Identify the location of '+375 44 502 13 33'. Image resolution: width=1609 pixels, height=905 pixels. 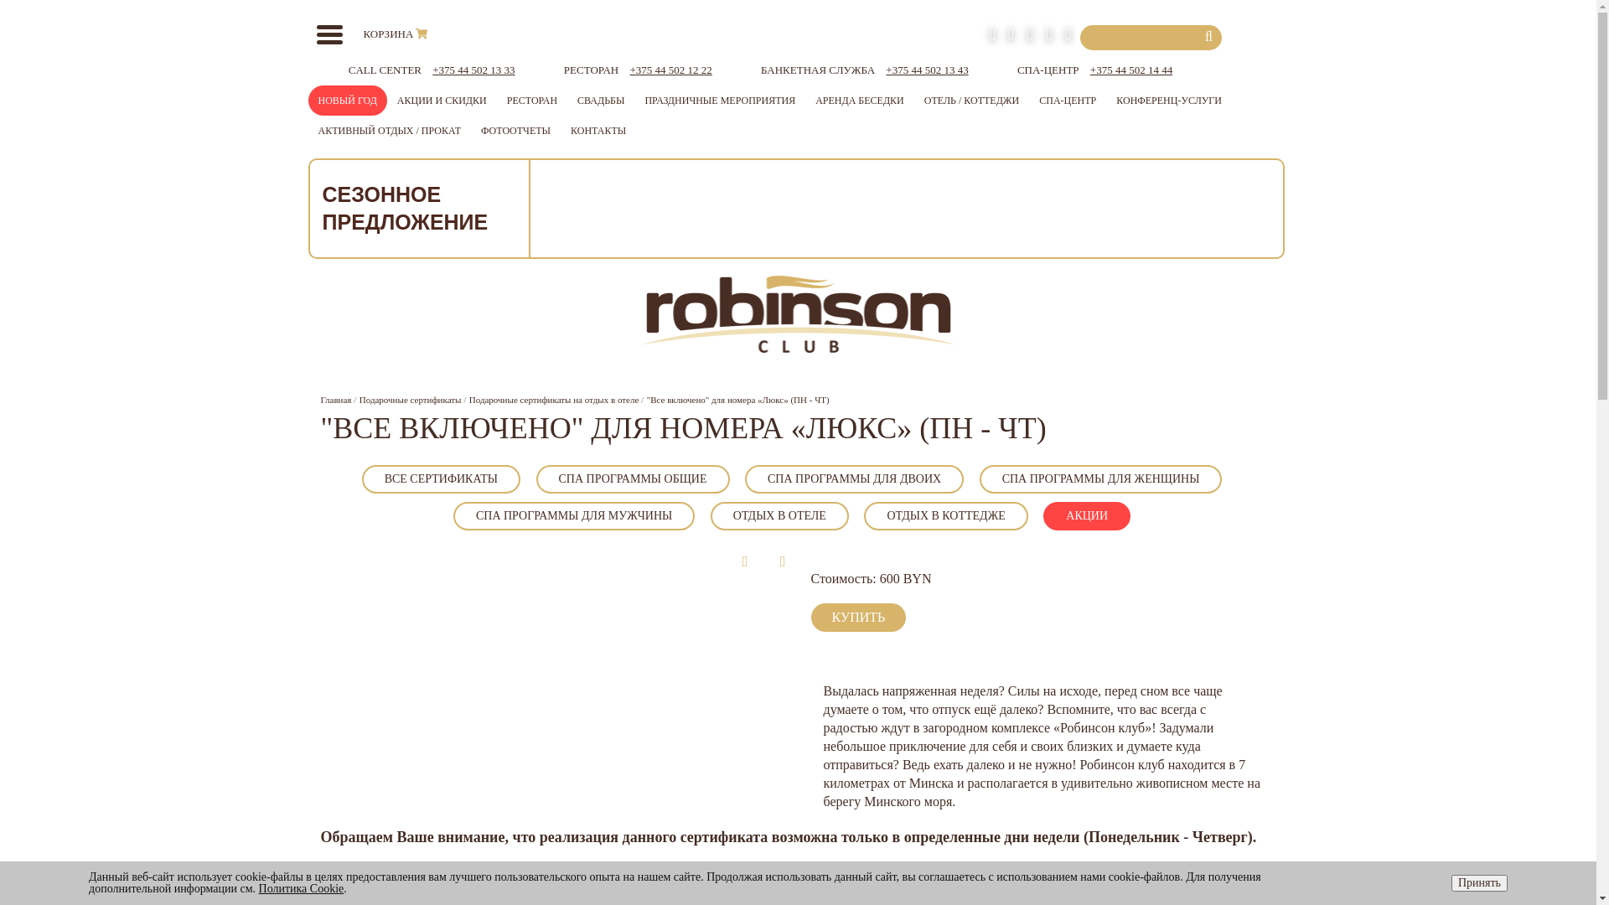
(432, 69).